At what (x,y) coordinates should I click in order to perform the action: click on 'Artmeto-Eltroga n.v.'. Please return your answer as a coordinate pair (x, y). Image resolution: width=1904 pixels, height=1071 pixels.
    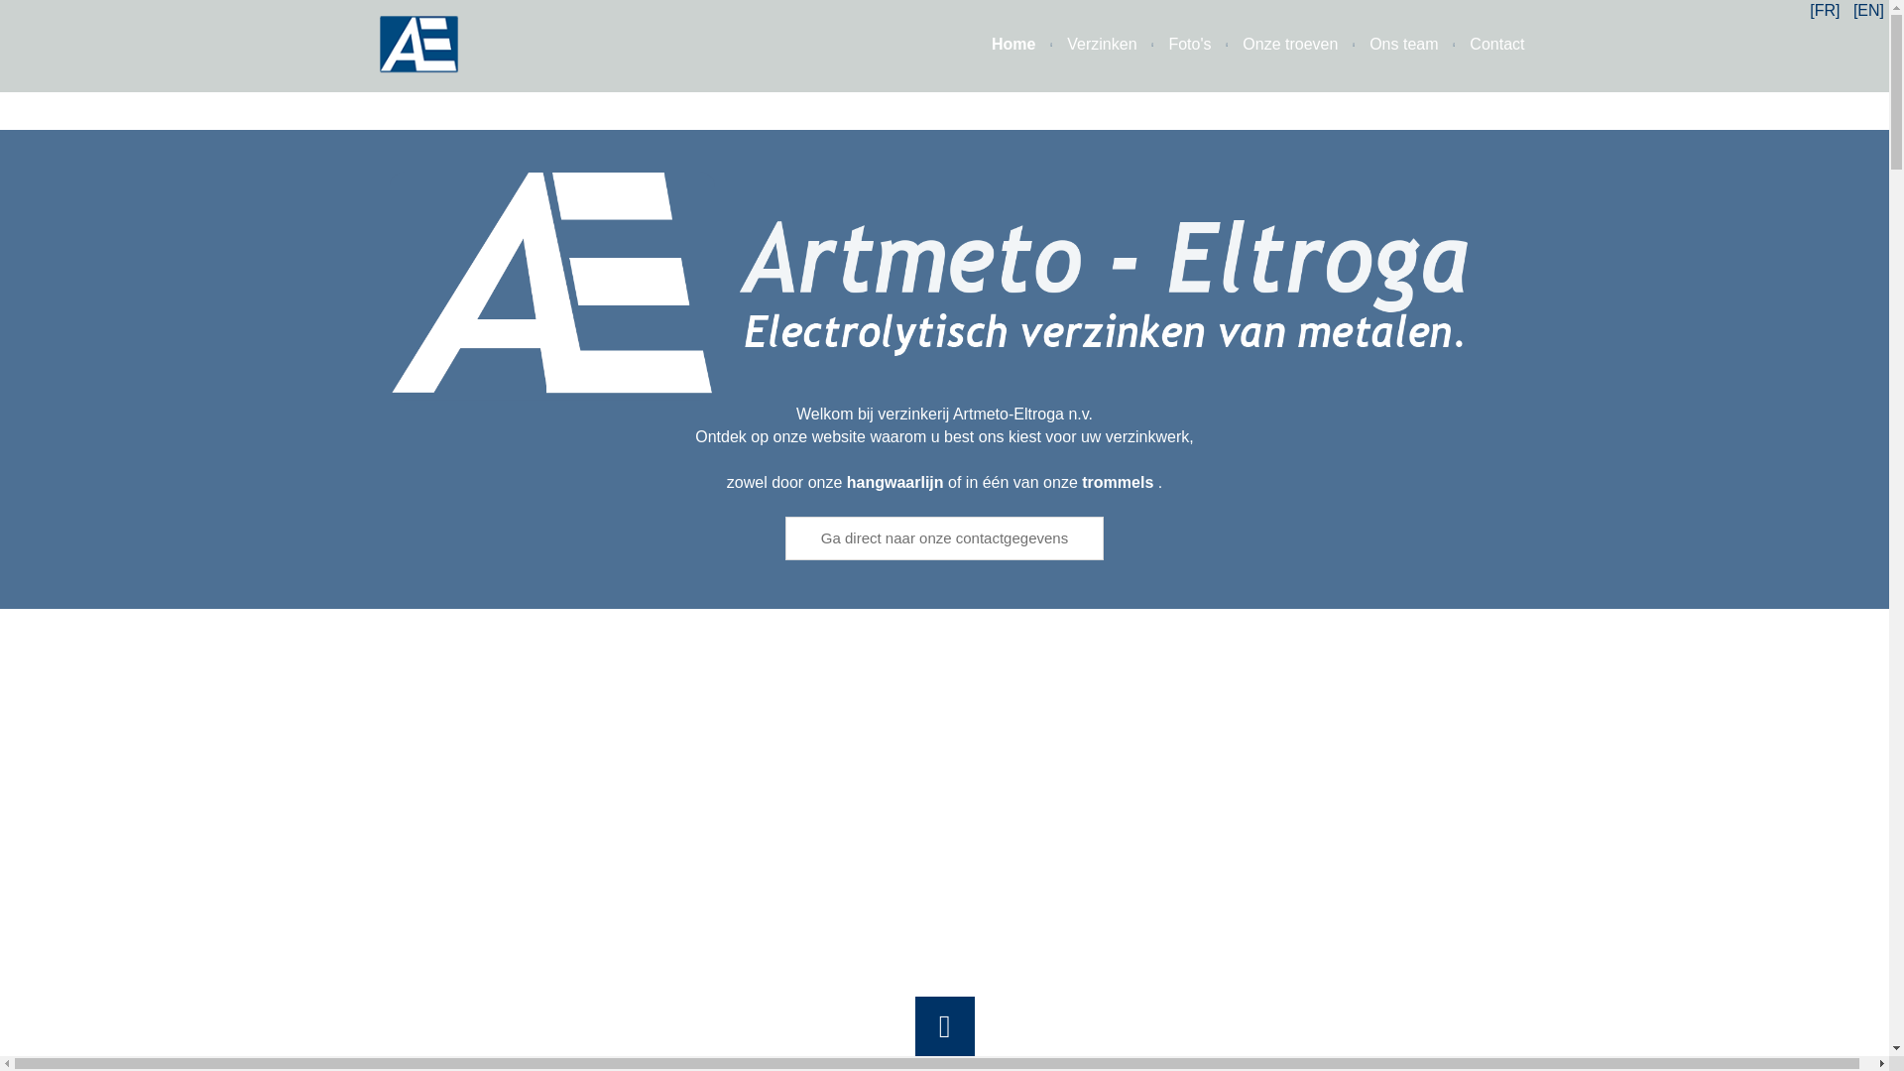
    Looking at the image, I should click on (942, 287).